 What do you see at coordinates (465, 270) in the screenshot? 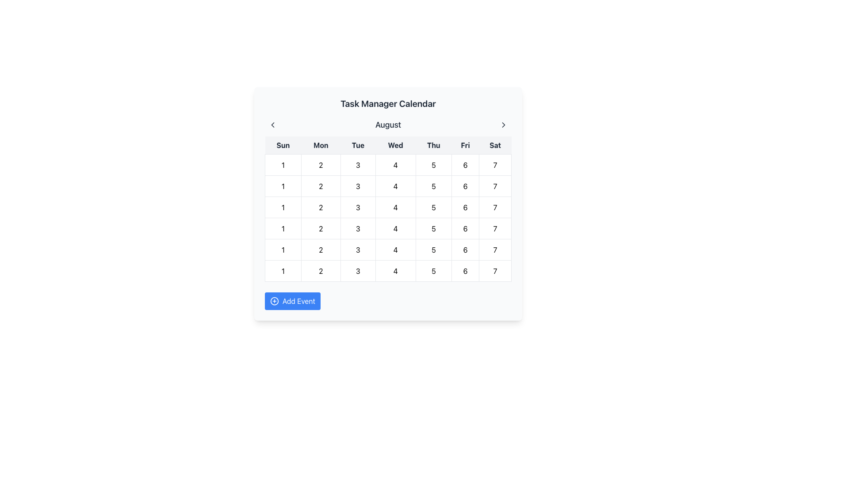
I see `the text label containing the number '6' in the topmost row of the calendar grid, which represents Friday` at bounding box center [465, 270].